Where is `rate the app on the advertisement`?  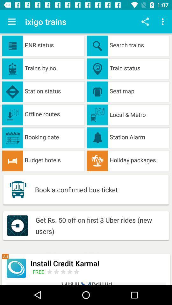
rate the app on the advertisement is located at coordinates (63, 271).